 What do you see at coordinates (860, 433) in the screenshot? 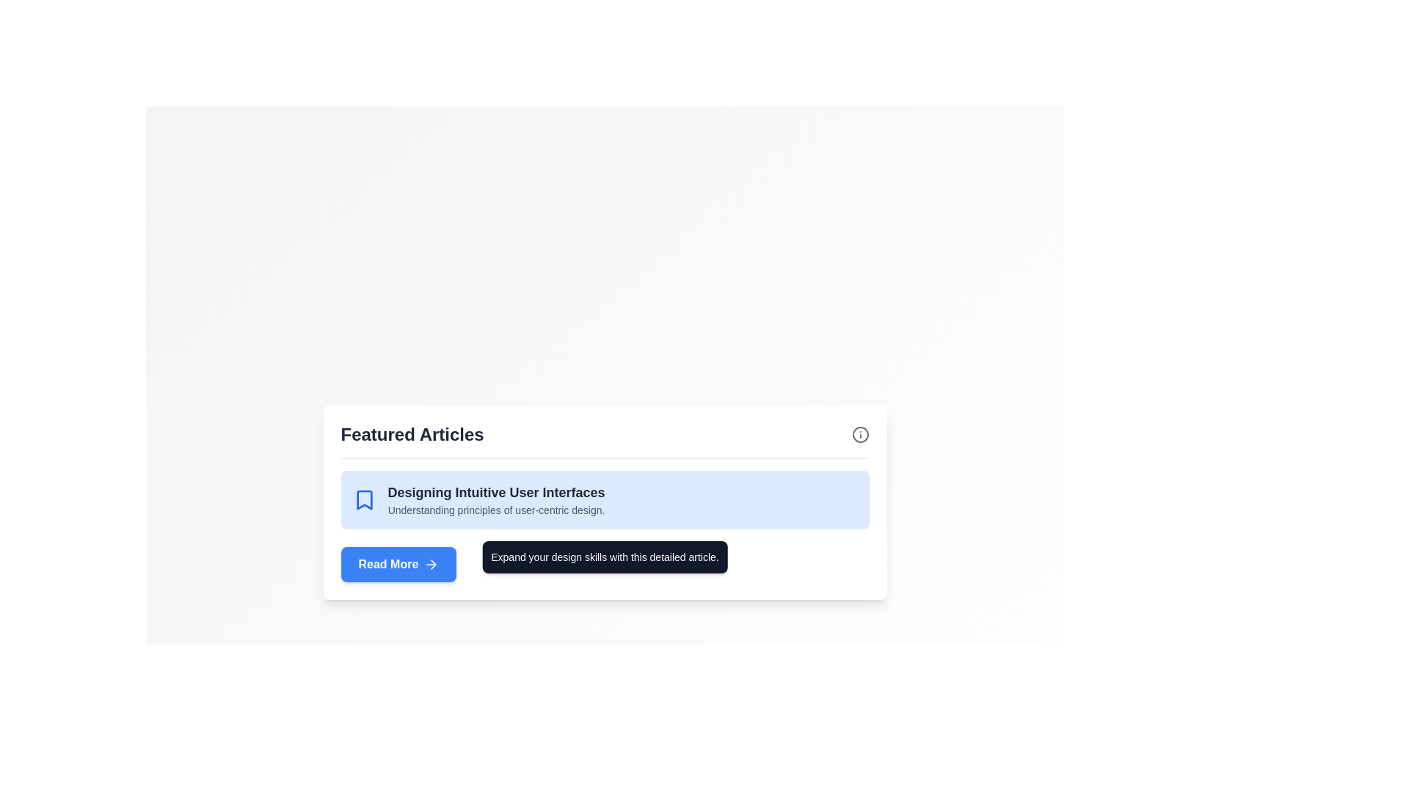
I see `the first SVG Circle element within the 'Featured Articles' card located at the top-right corner` at bounding box center [860, 433].